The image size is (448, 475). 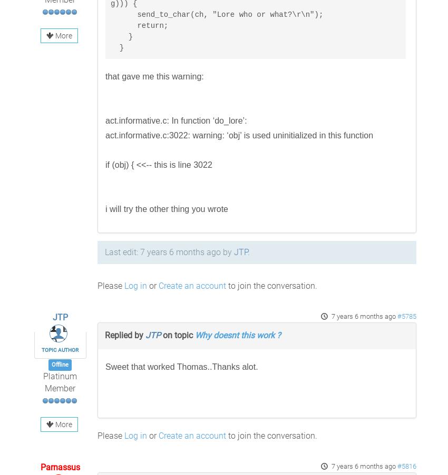 What do you see at coordinates (249, 252) in the screenshot?
I see `'.'` at bounding box center [249, 252].